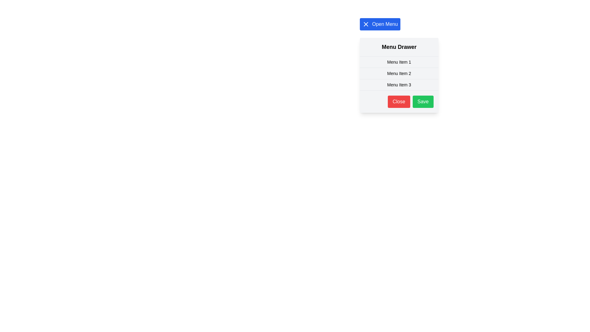 Image resolution: width=590 pixels, height=332 pixels. Describe the element at coordinates (399, 47) in the screenshot. I see `the 'Menu Drawer' static label, which is displayed in a bold font and is positioned at the top of the vertically organized menu drawer` at that location.